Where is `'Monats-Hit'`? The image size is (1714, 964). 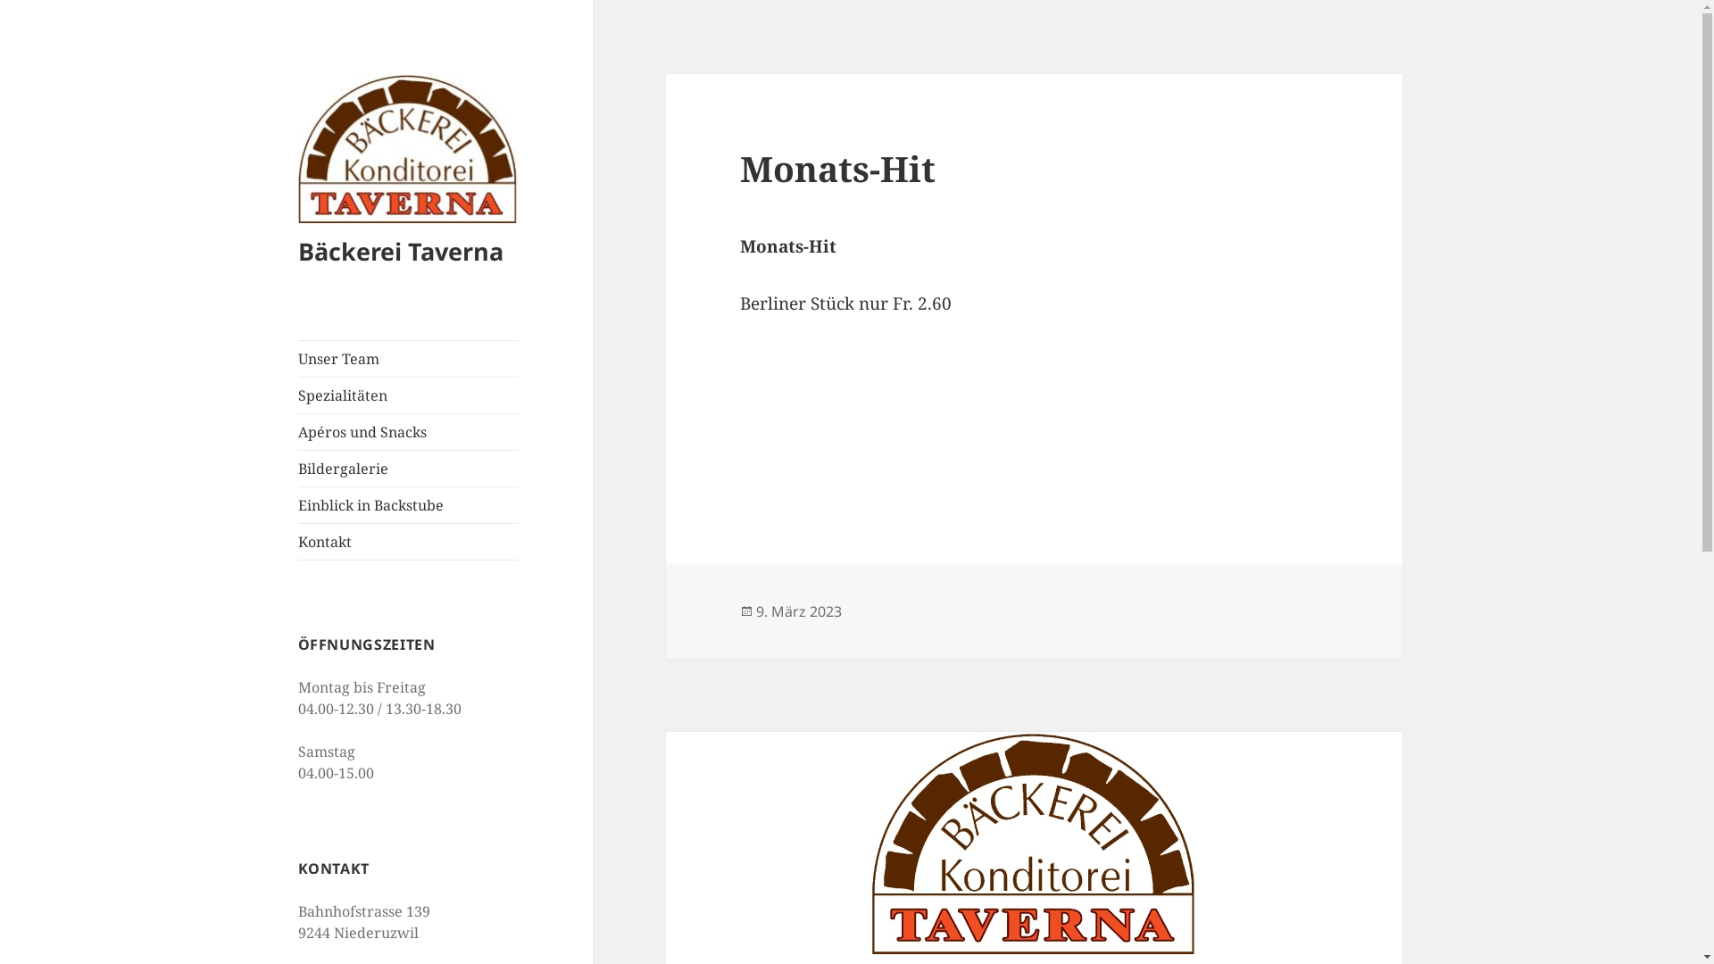 'Monats-Hit' is located at coordinates (836, 168).